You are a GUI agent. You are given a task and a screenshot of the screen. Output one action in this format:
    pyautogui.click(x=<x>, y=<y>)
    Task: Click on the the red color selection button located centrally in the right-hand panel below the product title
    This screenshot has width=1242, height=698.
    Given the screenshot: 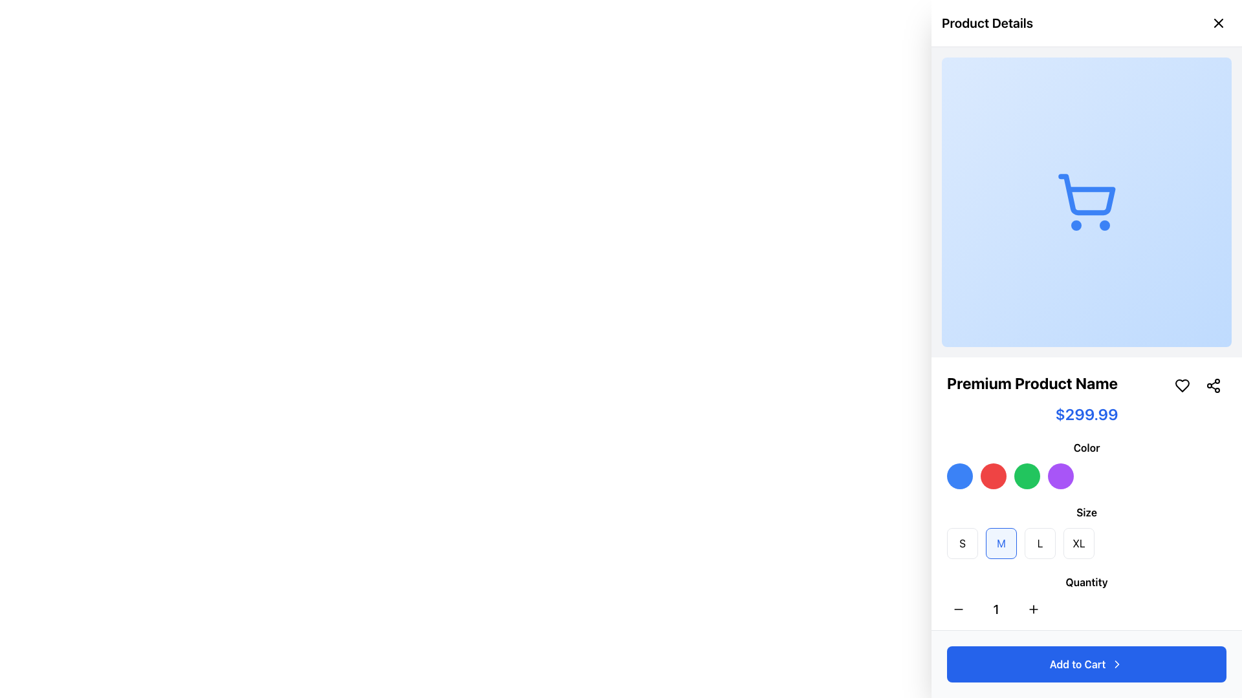 What is the action you would take?
    pyautogui.click(x=993, y=476)
    